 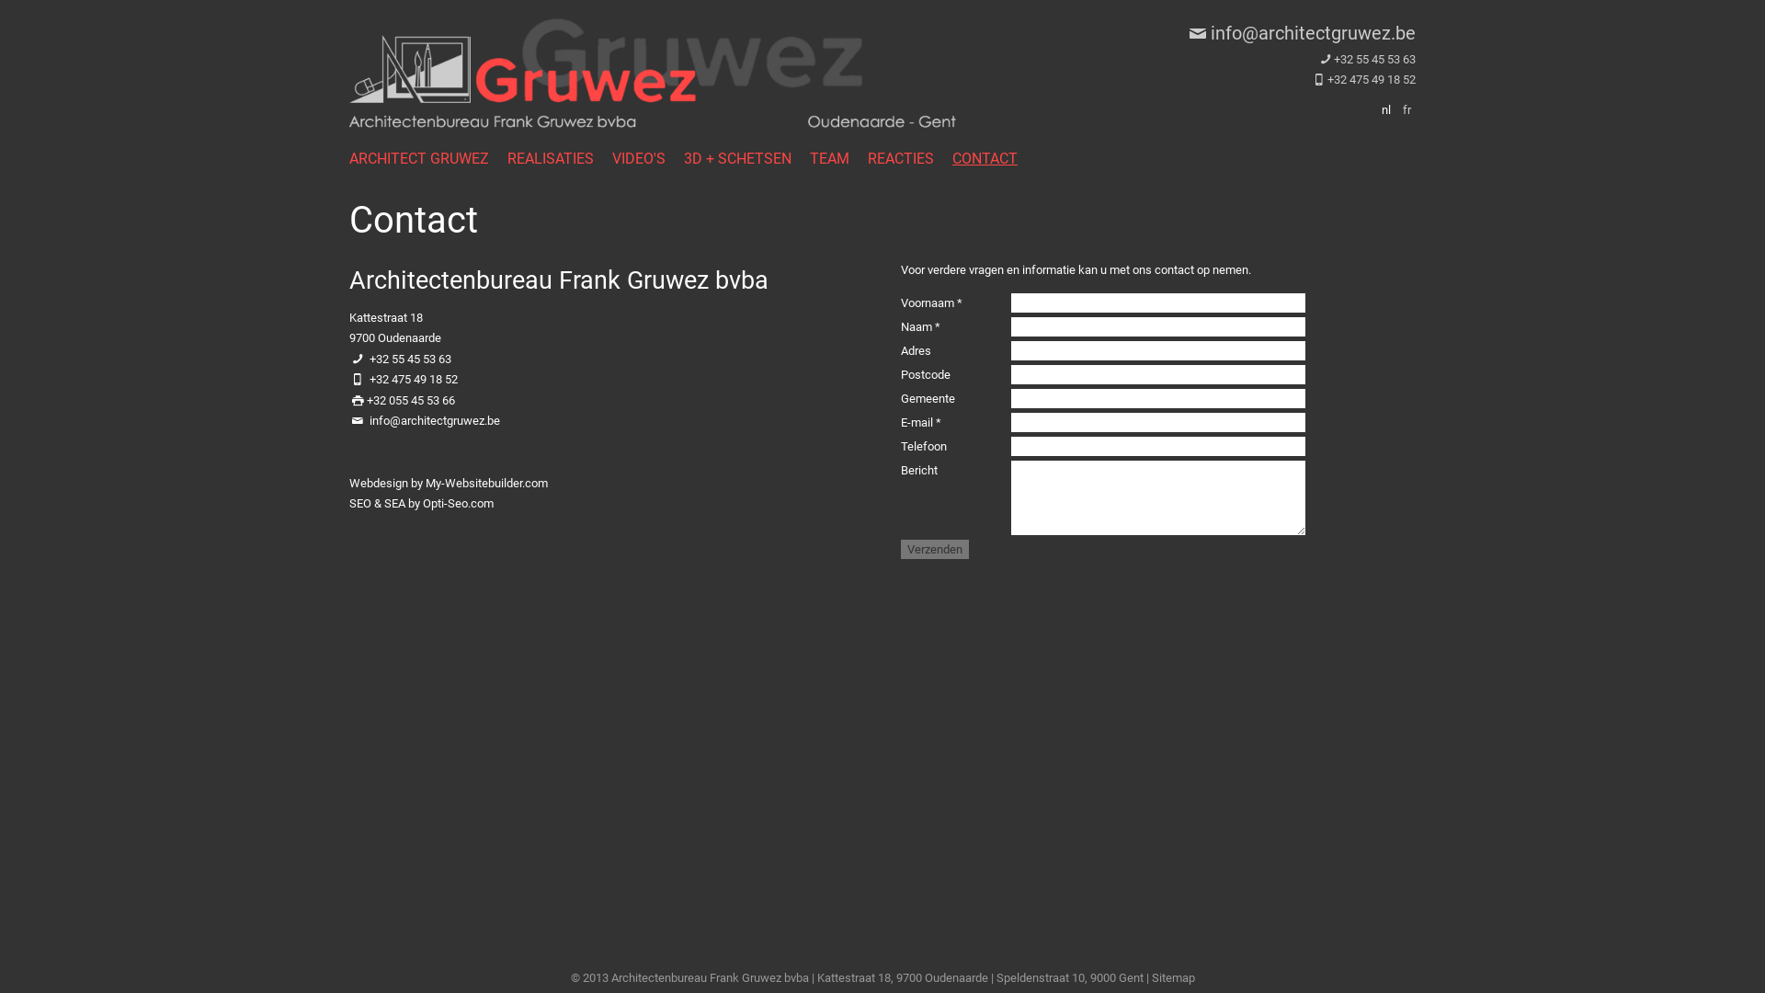 I want to click on 'VIDEO'S', so click(x=612, y=157).